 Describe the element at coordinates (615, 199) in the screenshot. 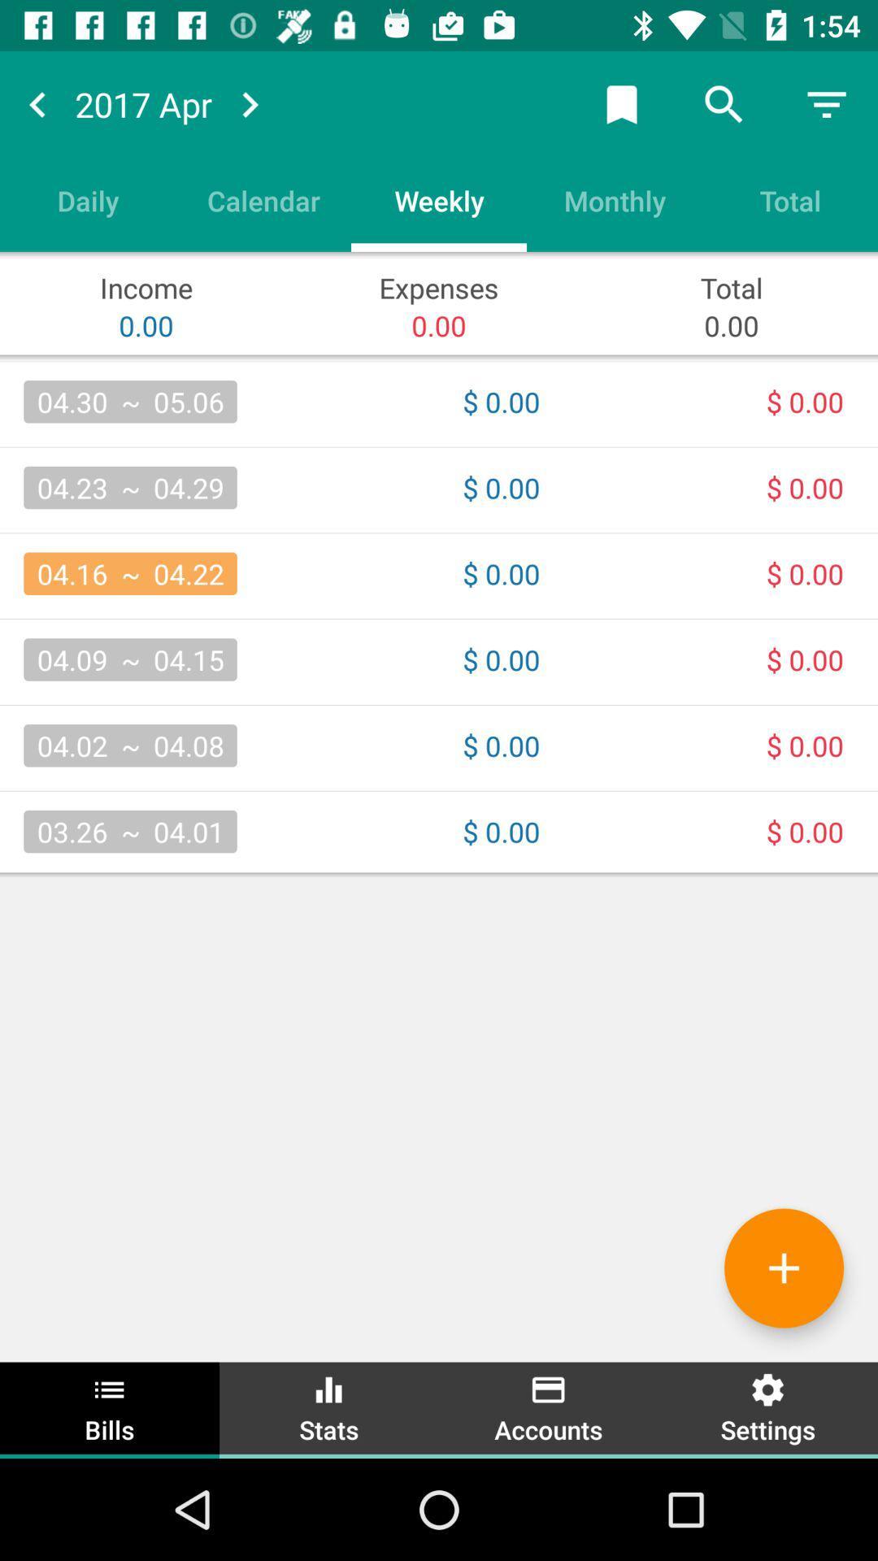

I see `the monthly icon` at that location.